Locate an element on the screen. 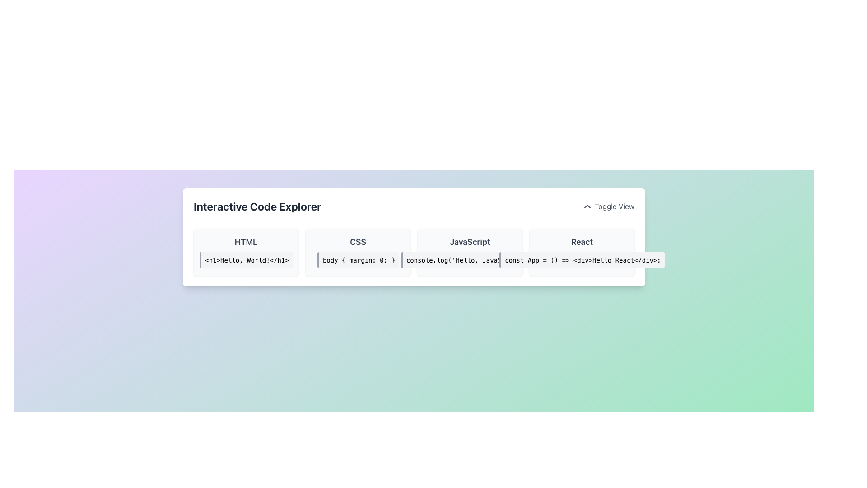 The height and width of the screenshot is (488, 867). the HTML header element labeled '<h1>Hello, World!</h1>' which is styled prominently and positioned within a specific column of the layout is located at coordinates (247, 260).